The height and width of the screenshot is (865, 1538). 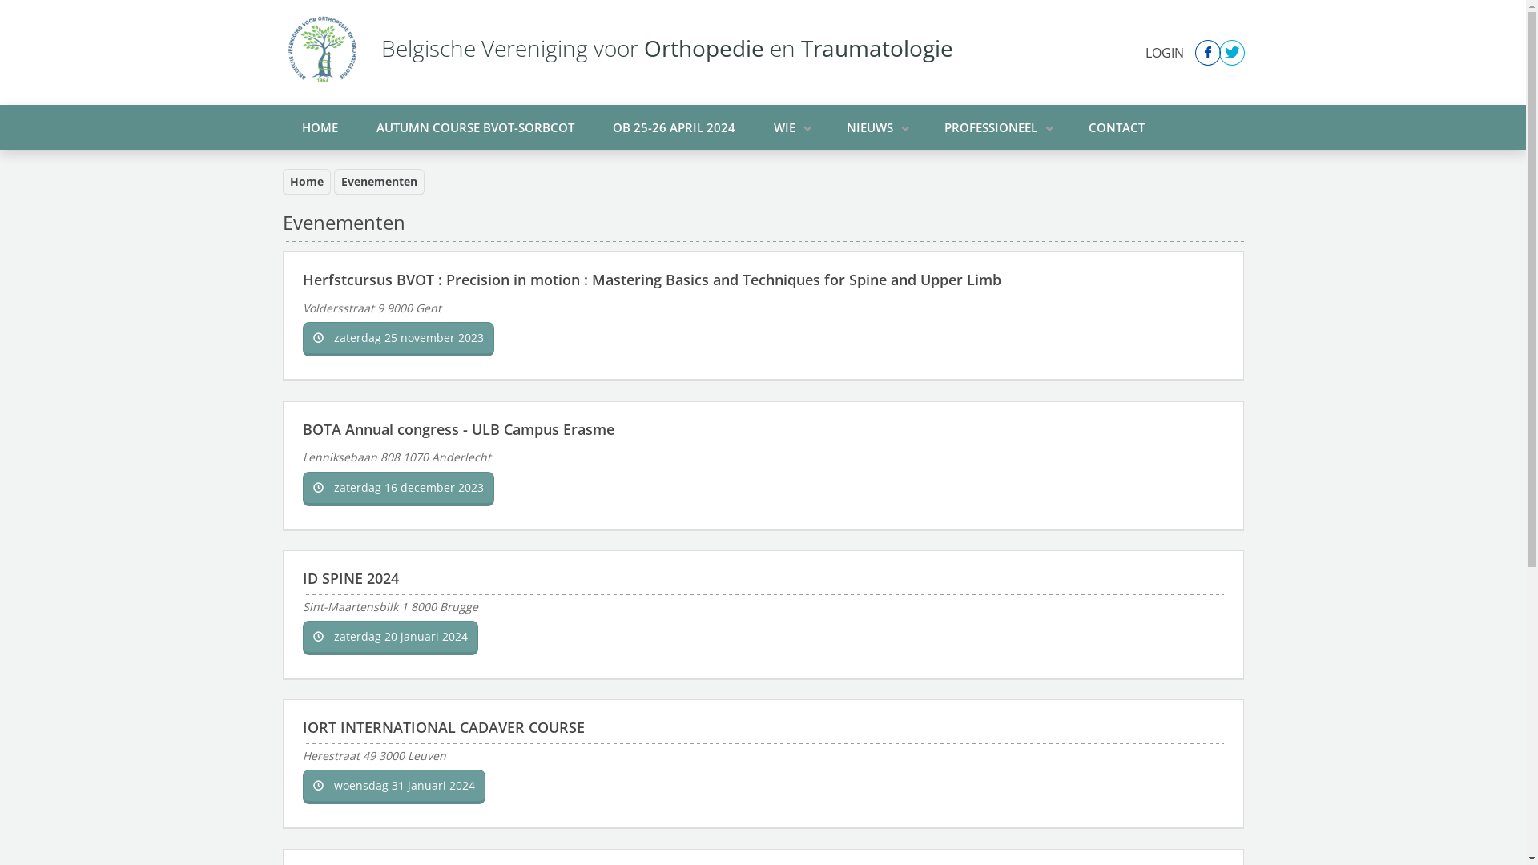 I want to click on 'NIEUWS', so click(x=875, y=126).